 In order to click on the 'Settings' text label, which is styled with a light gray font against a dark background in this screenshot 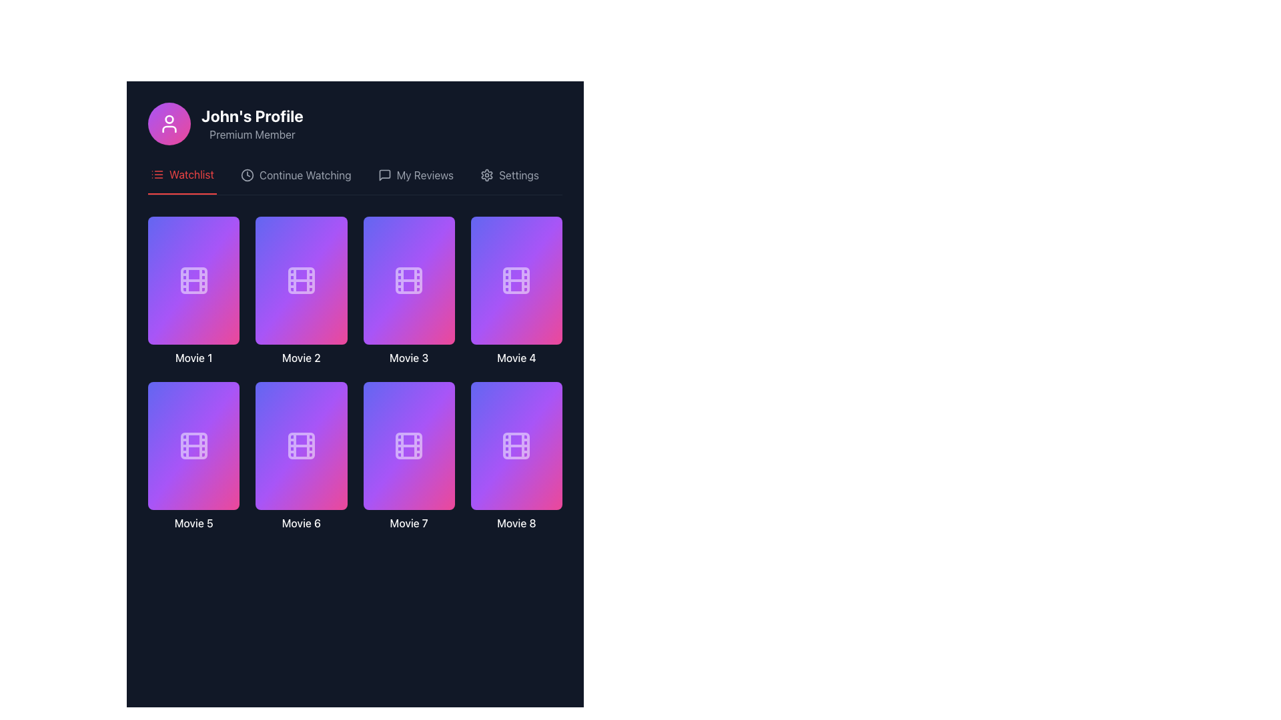, I will do `click(518, 174)`.